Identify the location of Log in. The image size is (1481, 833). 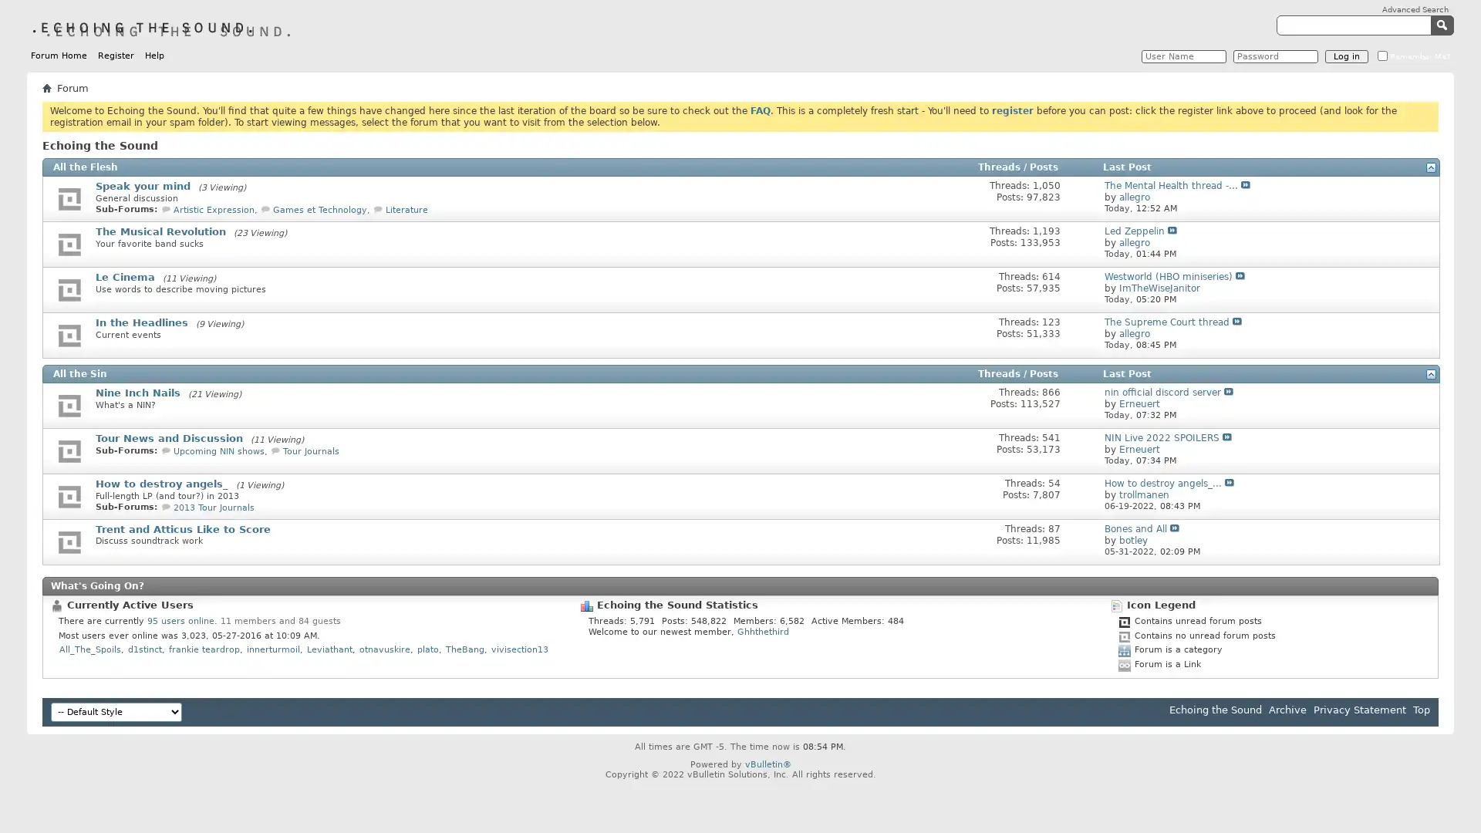
(1346, 56).